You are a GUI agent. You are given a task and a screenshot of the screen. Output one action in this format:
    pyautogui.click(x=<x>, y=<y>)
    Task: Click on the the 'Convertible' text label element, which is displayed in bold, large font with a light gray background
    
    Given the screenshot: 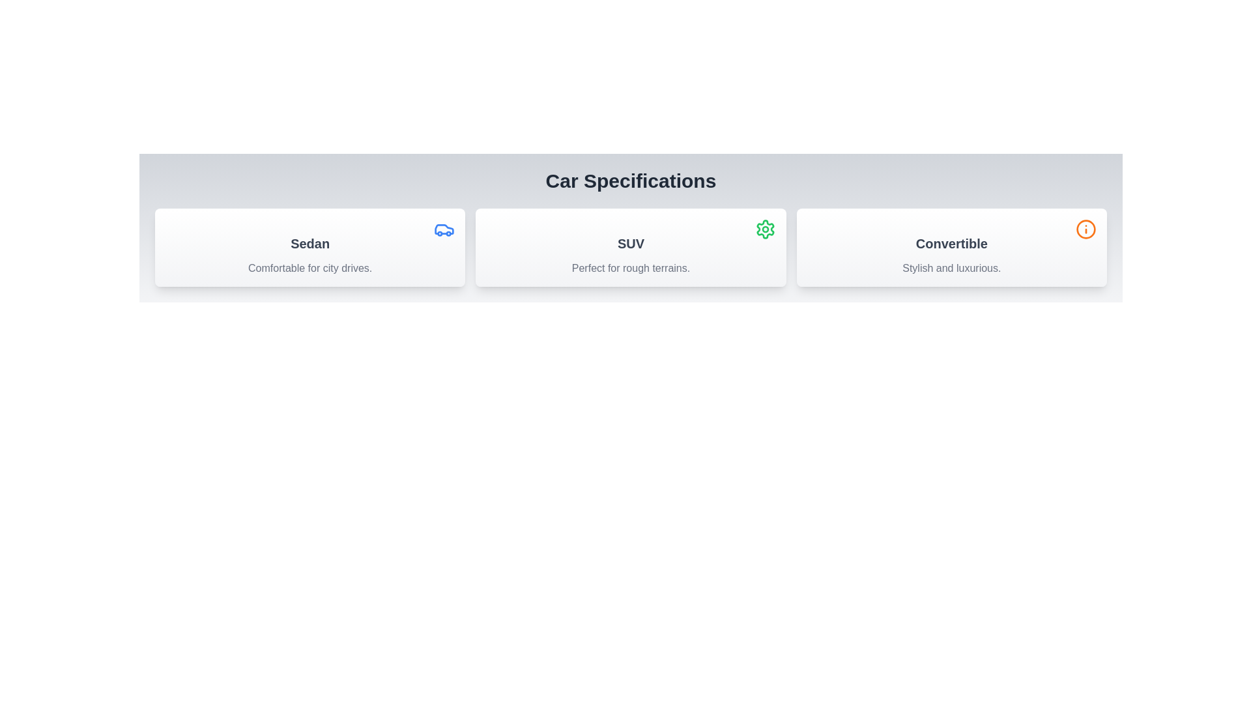 What is the action you would take?
    pyautogui.click(x=951, y=244)
    